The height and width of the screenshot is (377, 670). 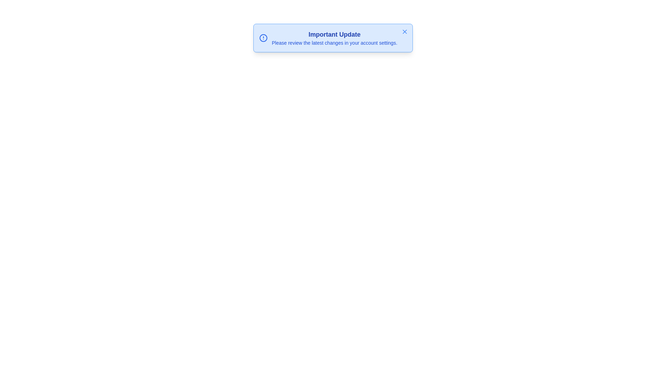 I want to click on the text label reading 'Please review the latest changes in your account settings,' which is styled in blue and positioned directly below the bold blue headline 'Important Update.', so click(x=334, y=43).